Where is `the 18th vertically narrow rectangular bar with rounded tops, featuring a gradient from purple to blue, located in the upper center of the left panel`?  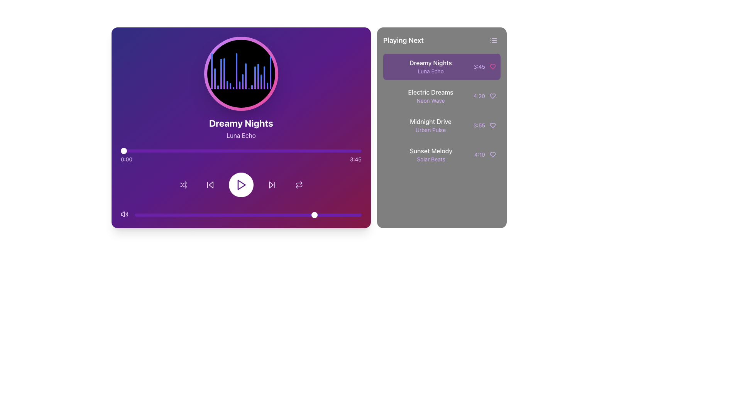 the 18th vertically narrow rectangular bar with rounded tops, featuring a gradient from purple to blue, located in the upper center of the left panel is located at coordinates (267, 86).